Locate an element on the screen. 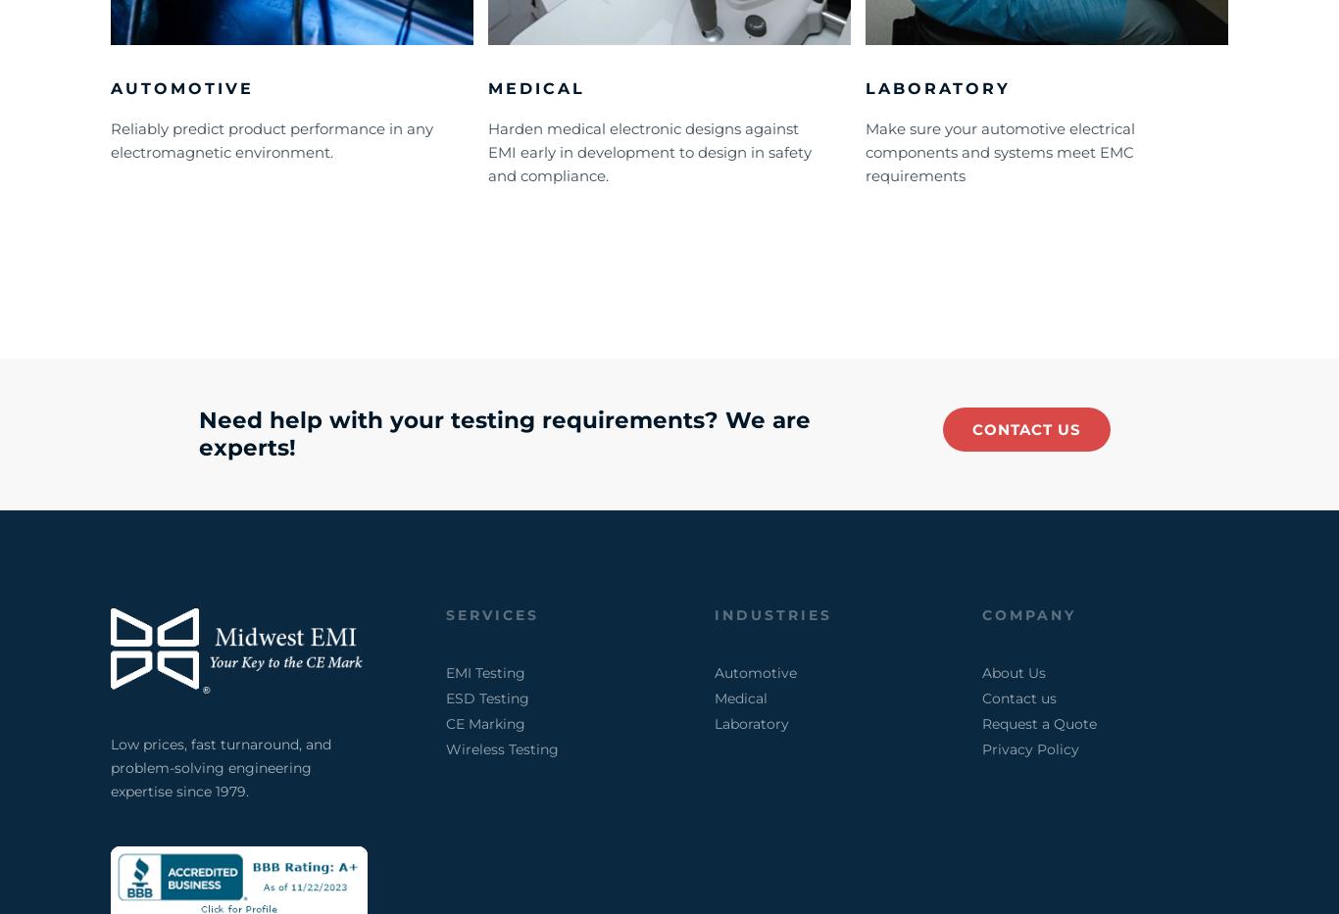 Image resolution: width=1339 pixels, height=914 pixels. 'Wireless Testing' is located at coordinates (502, 747).